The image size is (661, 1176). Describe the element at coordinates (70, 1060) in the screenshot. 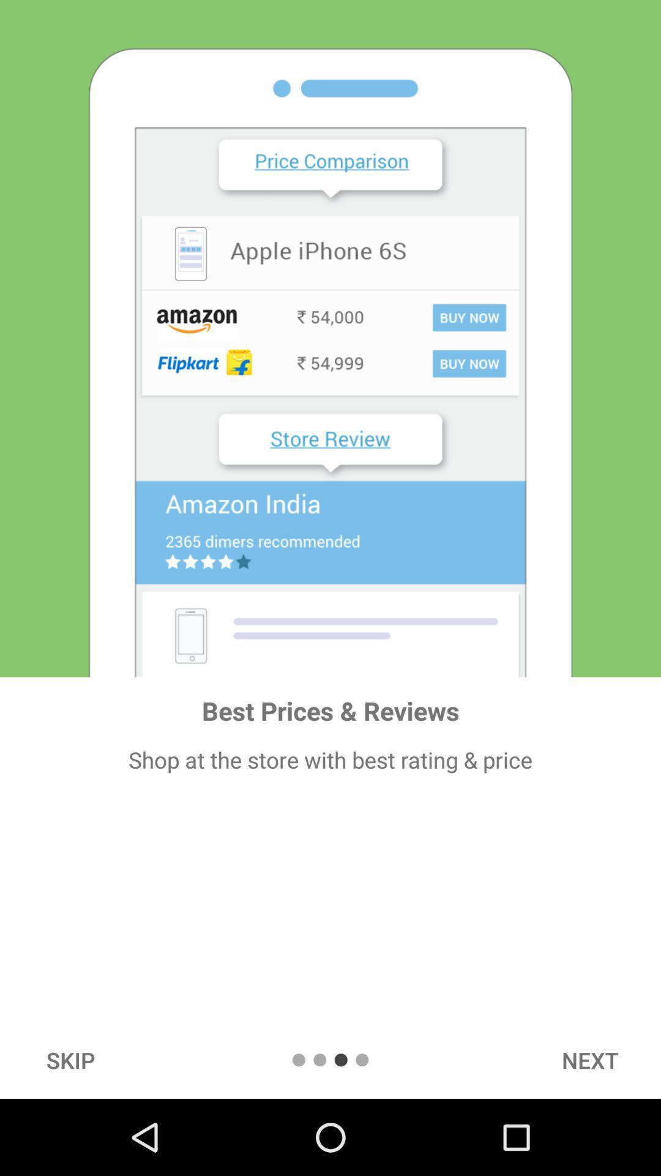

I see `skip` at that location.